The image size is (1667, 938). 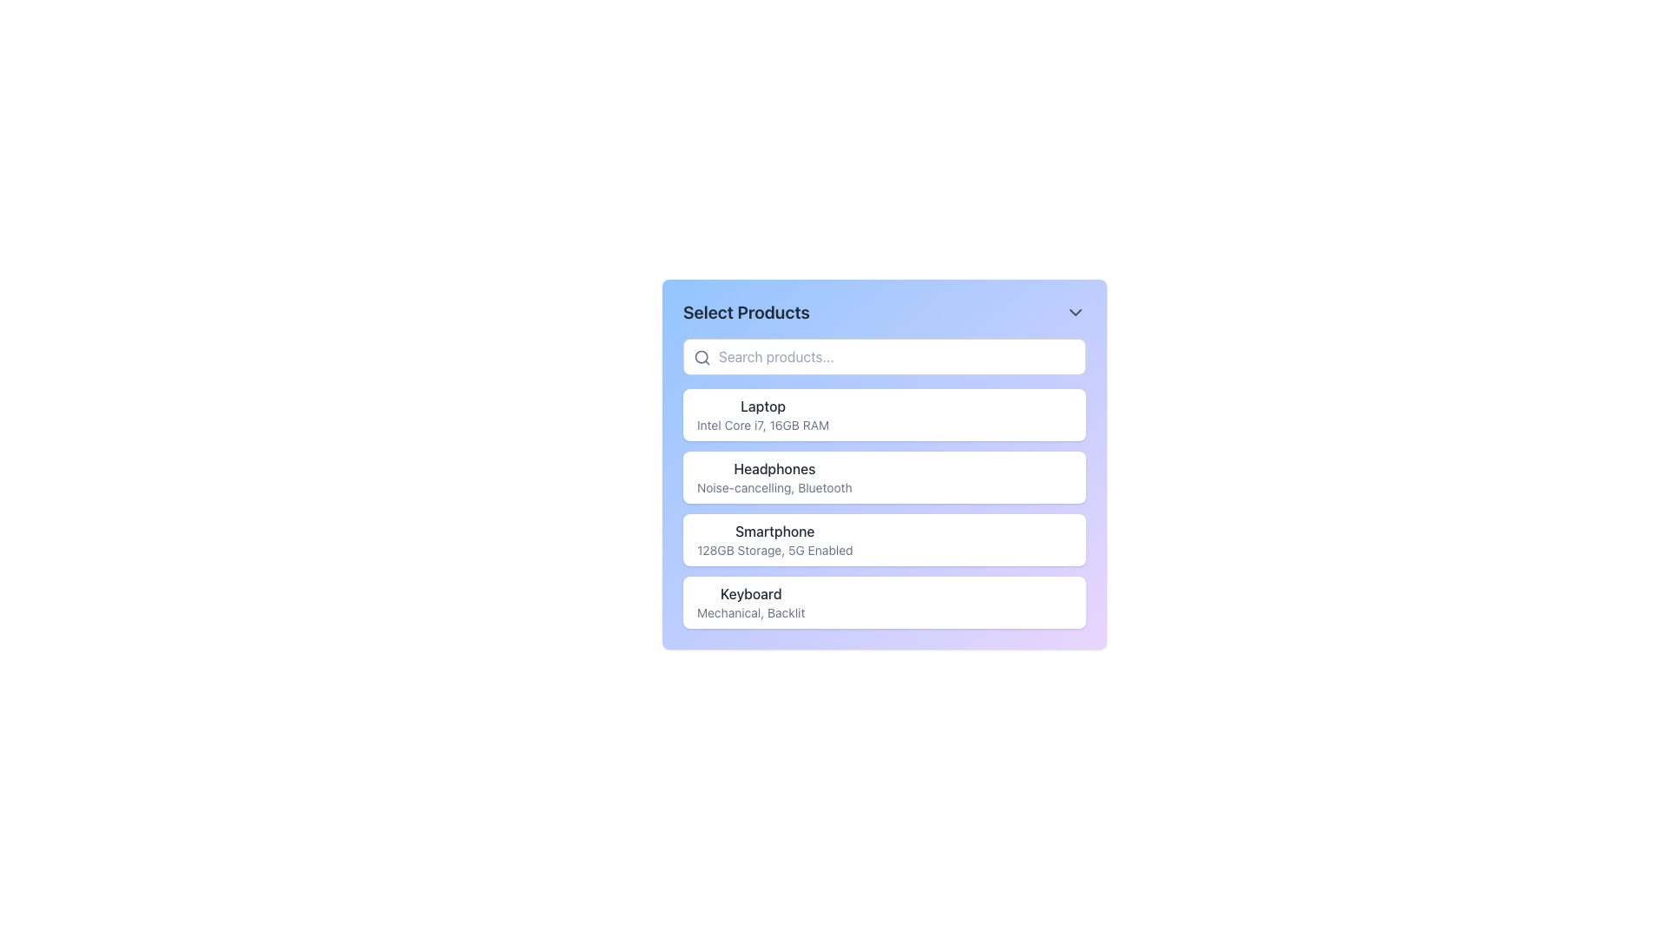 What do you see at coordinates (1074, 311) in the screenshot?
I see `the downward-pointing chevron icon in the upper-right corner of the 'Select Products' card to change its color for indication` at bounding box center [1074, 311].